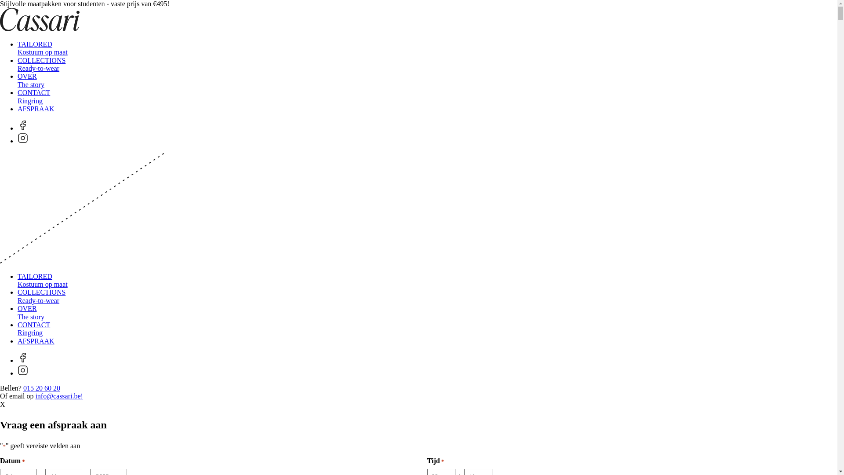 The height and width of the screenshot is (475, 844). Describe the element at coordinates (42, 280) in the screenshot. I see `'TAILORED` at that location.